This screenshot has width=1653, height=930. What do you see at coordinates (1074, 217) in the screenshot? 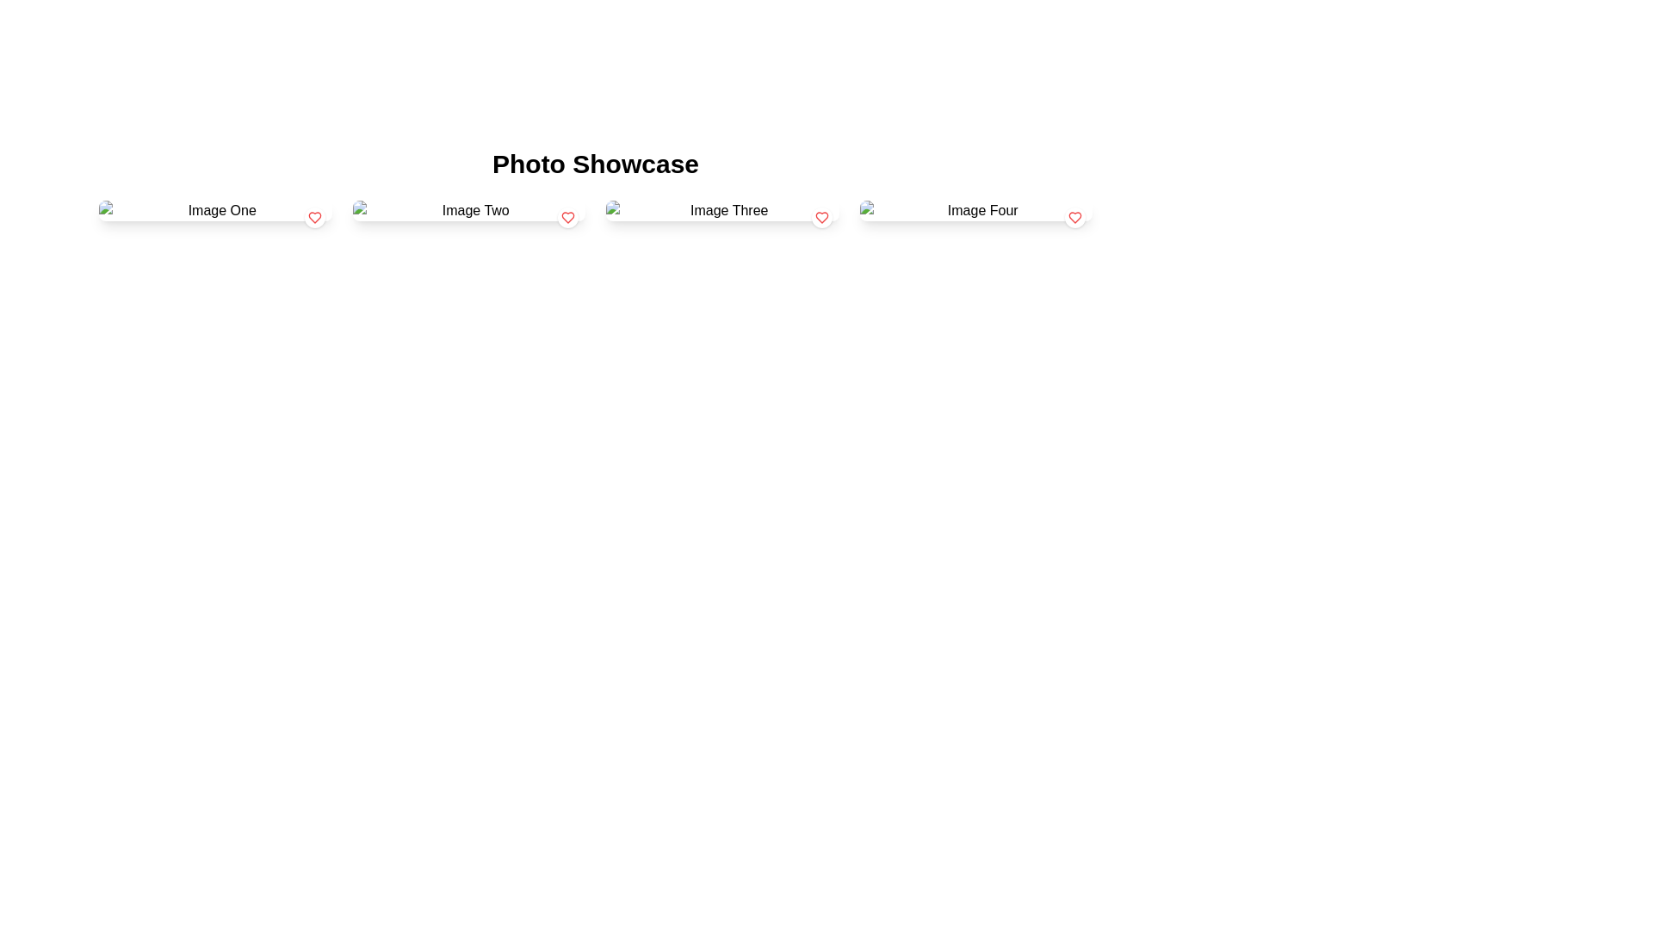
I see `the Heart icon located in the top-right corner of the card labeled 'Image Four'` at bounding box center [1074, 217].